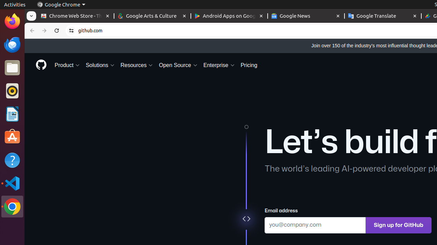  I want to click on 'Thunderbird Mail', so click(12, 44).